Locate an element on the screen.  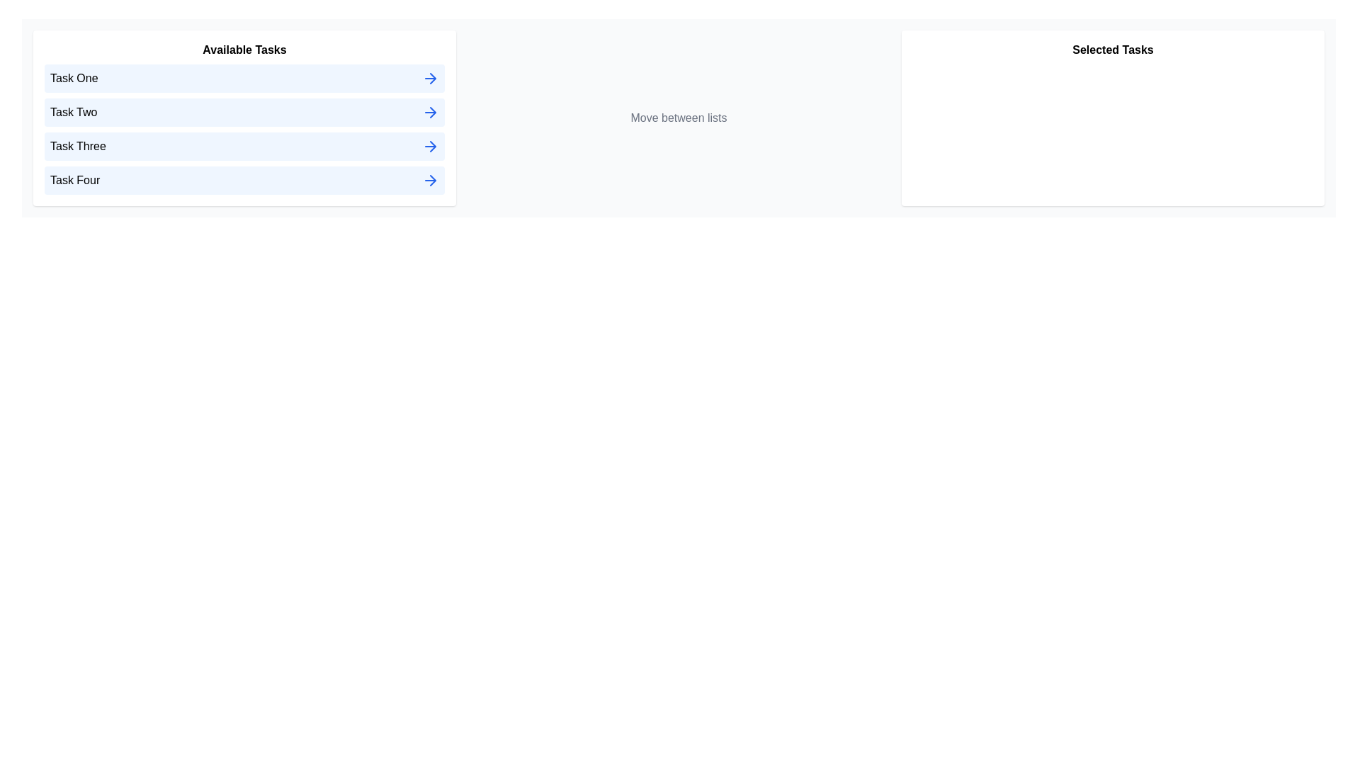
right arrow icon next to the task named Task One in the 'Available Tasks' list is located at coordinates (430, 79).